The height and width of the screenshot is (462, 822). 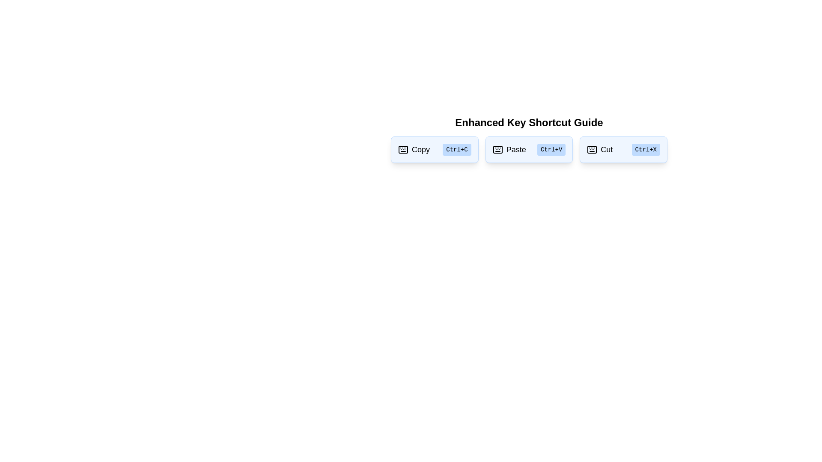 What do you see at coordinates (592, 149) in the screenshot?
I see `the Icon component, which is an SVG rectangle with rounded corners representing a keyboard shortcut, located on the left side of the four main buttons` at bounding box center [592, 149].